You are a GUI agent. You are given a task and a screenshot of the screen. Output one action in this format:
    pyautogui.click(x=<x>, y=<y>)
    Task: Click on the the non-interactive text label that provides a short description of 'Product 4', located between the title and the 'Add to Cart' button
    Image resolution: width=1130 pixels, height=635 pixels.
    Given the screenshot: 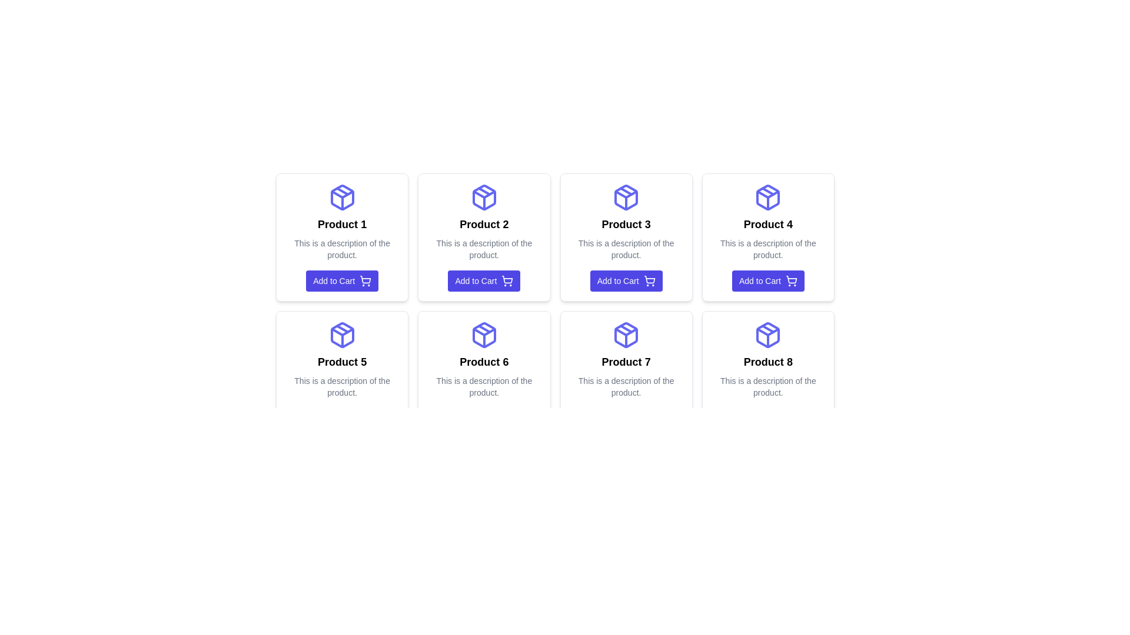 What is the action you would take?
    pyautogui.click(x=768, y=249)
    